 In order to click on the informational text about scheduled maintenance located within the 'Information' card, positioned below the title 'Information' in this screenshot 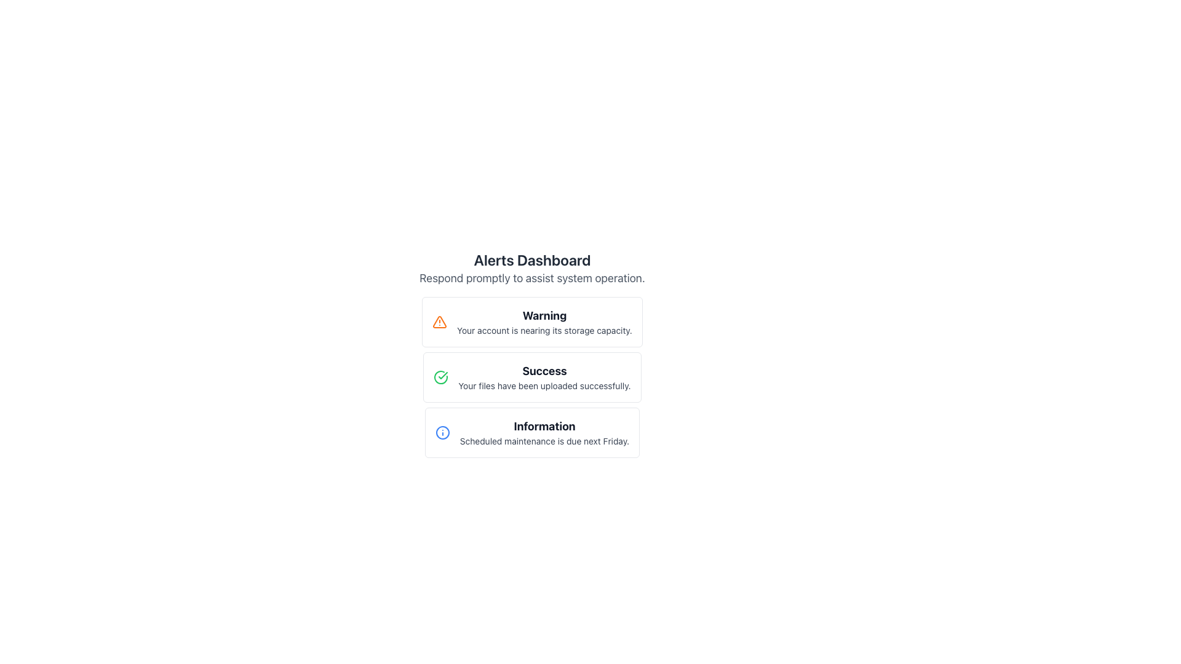, I will do `click(544, 440)`.